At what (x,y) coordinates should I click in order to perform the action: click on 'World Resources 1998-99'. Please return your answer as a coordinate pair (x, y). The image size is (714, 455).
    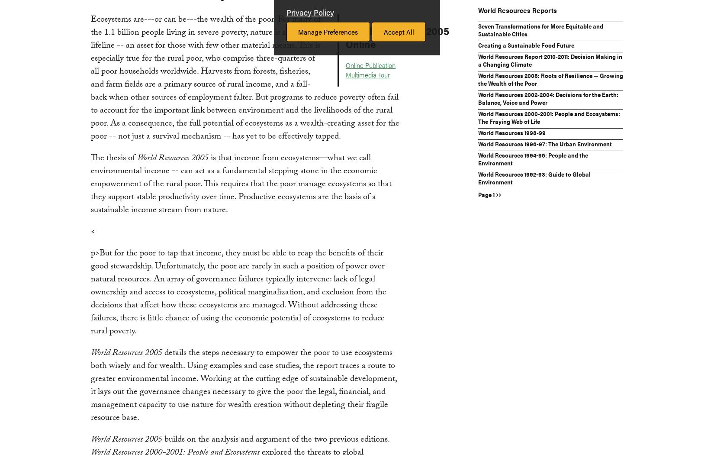
    Looking at the image, I should click on (511, 132).